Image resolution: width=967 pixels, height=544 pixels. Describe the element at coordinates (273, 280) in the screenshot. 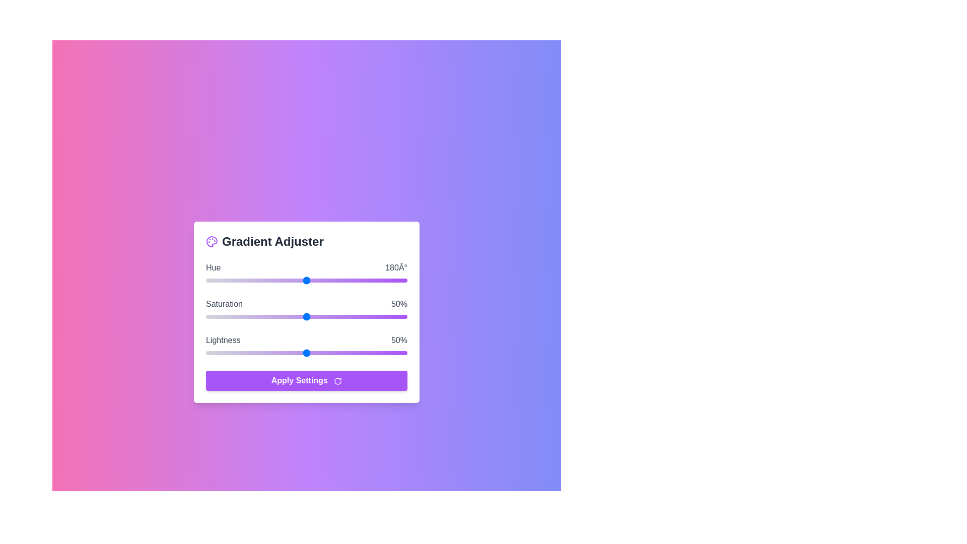

I see `the Hue slider to set the value to 121` at that location.